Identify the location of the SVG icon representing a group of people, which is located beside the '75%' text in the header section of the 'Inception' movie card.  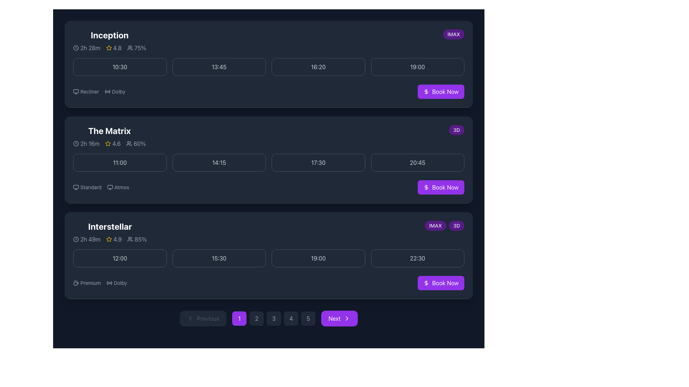
(130, 48).